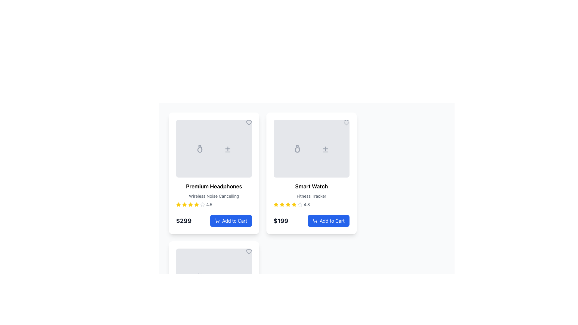  I want to click on the rating system, so click(287, 204).